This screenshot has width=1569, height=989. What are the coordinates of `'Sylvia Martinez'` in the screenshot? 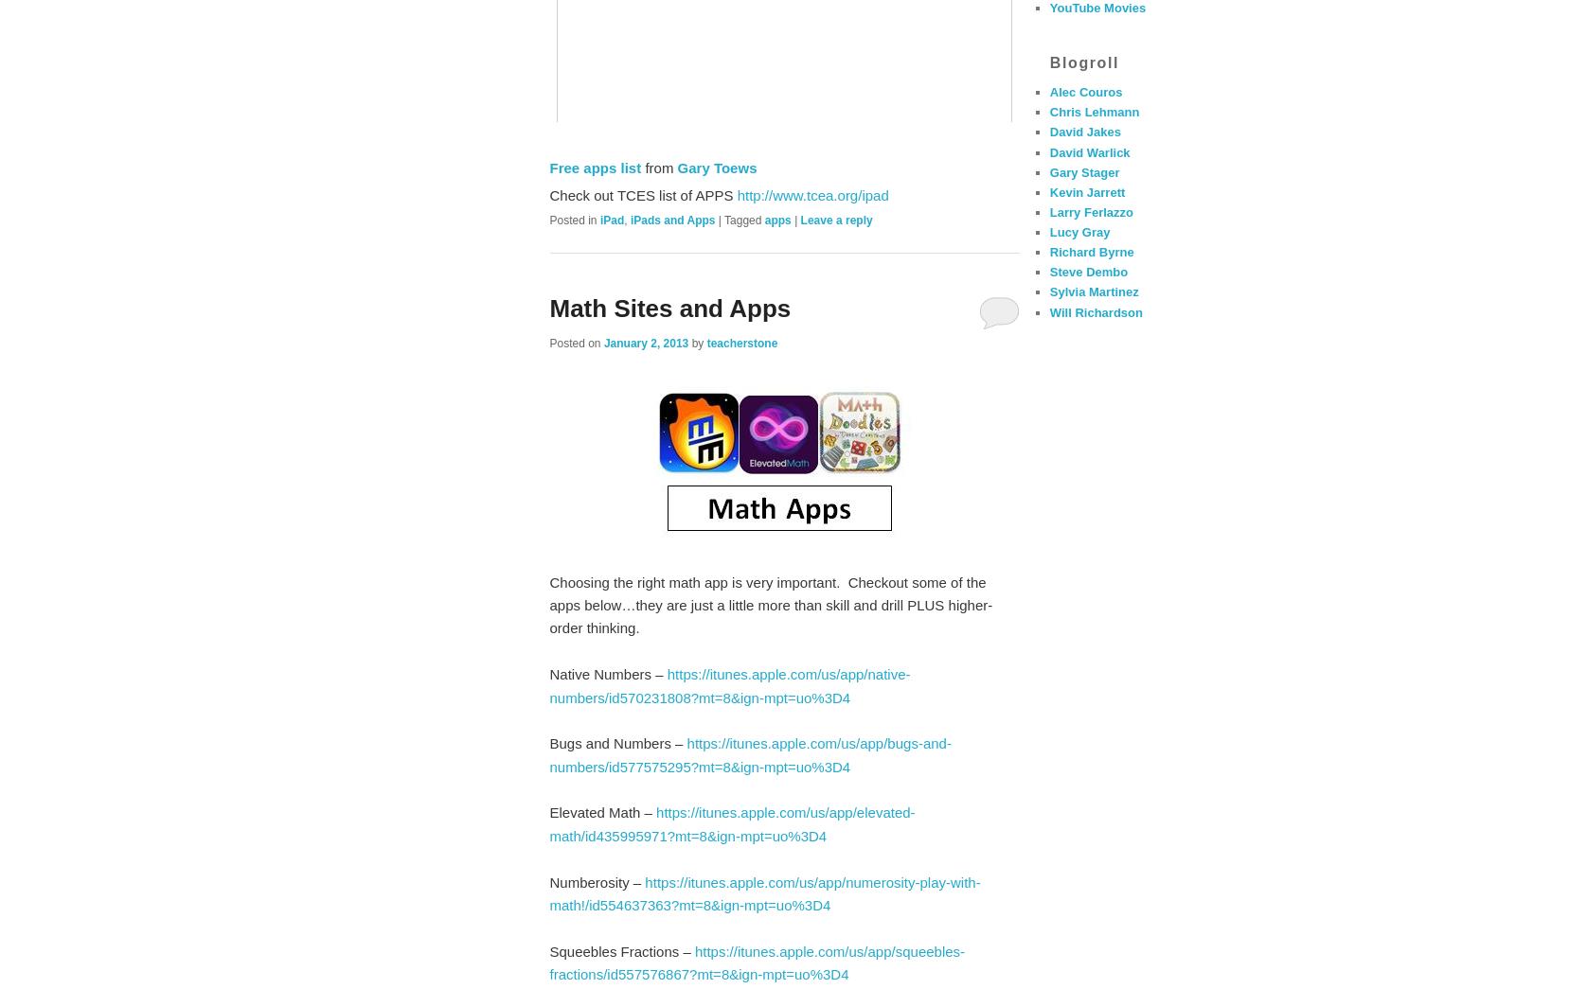 It's located at (1092, 291).